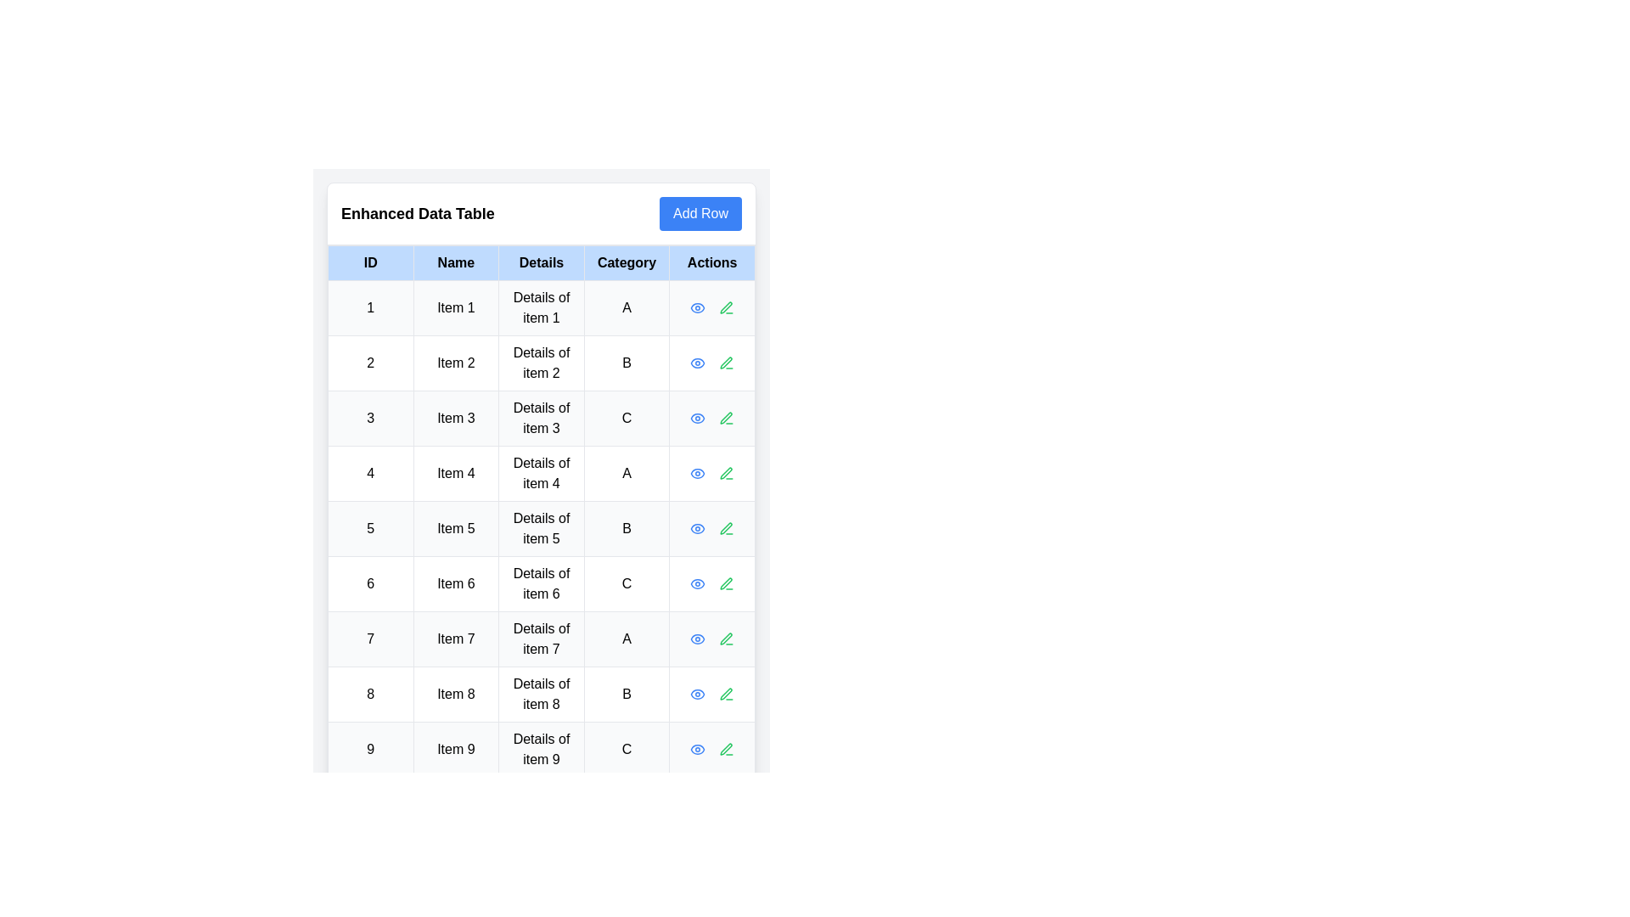  I want to click on the pen icon with a green outline located in the 'Actions' column corresponding to 'Item 8' to initiate an editing operation, so click(726, 694).